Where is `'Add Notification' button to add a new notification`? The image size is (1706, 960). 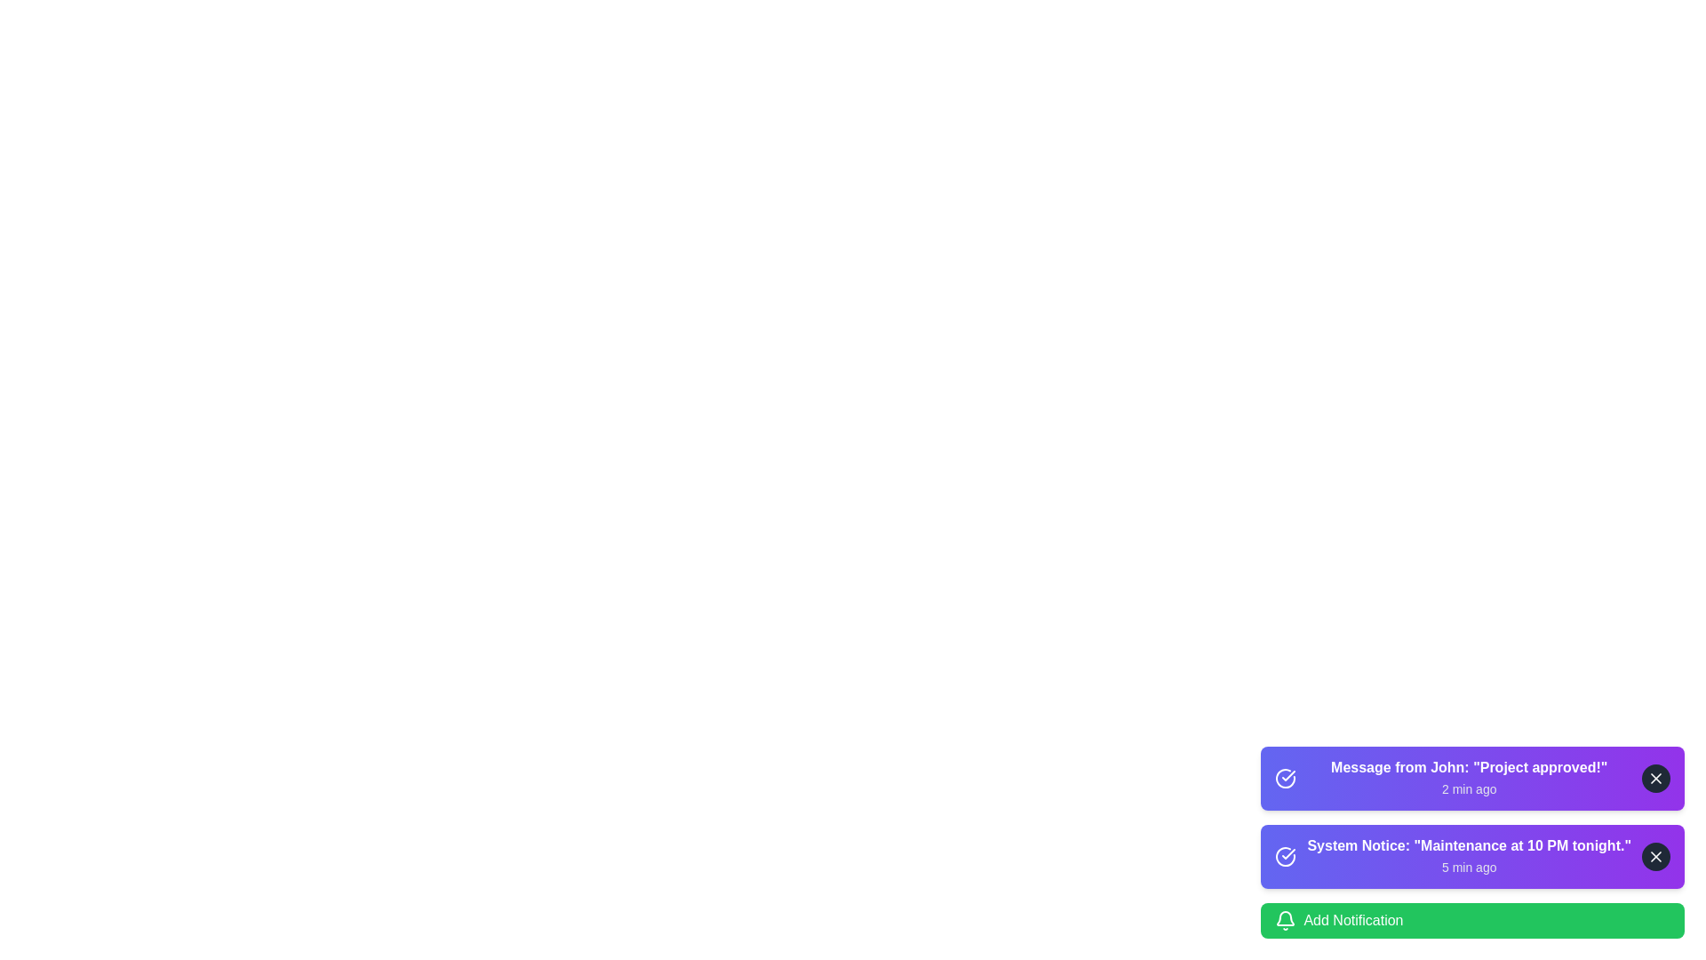
'Add Notification' button to add a new notification is located at coordinates (1472, 920).